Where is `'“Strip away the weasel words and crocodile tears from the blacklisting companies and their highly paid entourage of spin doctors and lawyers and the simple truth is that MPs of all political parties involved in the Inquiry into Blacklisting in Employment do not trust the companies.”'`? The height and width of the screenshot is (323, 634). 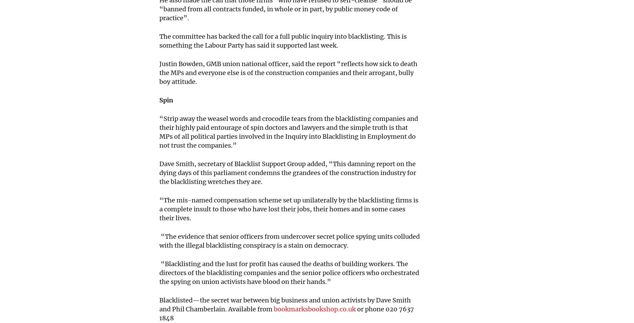 '“Strip away the weasel words and crocodile tears from the blacklisting companies and their highly paid entourage of spin doctors and lawyers and the simple truth is that MPs of all political parties involved in the Inquiry into Blacklisting in Employment do not trust the companies.”' is located at coordinates (289, 132).